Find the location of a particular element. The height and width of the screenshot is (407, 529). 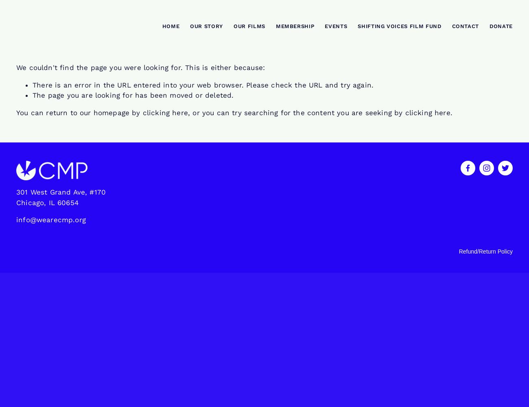

'You can return to our homepage by' is located at coordinates (79, 112).